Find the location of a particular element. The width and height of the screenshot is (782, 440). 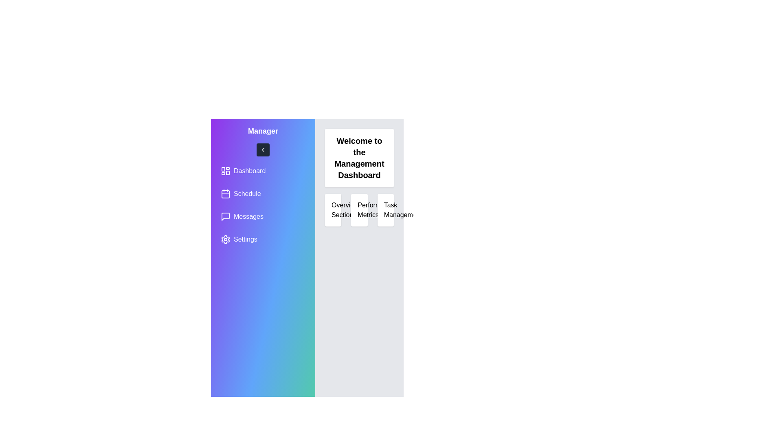

the Informational Card displaying 'Performance Metrics', which is the second card in a horizontal sequence of three cards in the middle-right section of the interface is located at coordinates (359, 210).